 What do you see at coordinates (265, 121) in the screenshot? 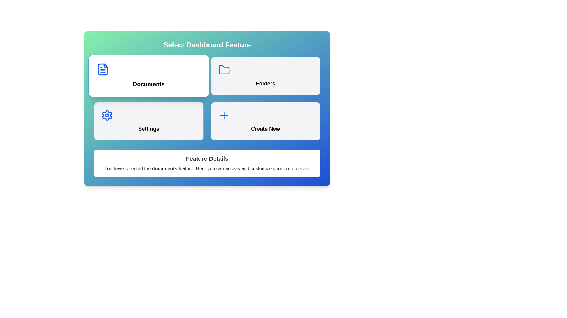
I see `the button in the bottom-right corner of the grid that allows users to create a new item or entity` at bounding box center [265, 121].